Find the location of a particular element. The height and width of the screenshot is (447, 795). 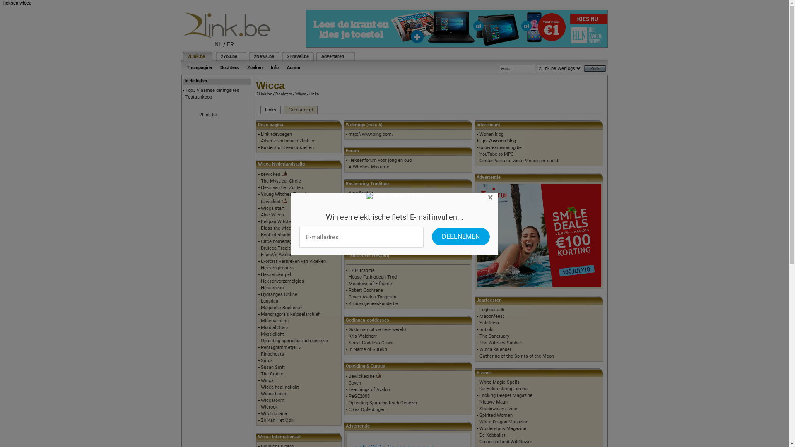

'Zoeken' is located at coordinates (254, 67).